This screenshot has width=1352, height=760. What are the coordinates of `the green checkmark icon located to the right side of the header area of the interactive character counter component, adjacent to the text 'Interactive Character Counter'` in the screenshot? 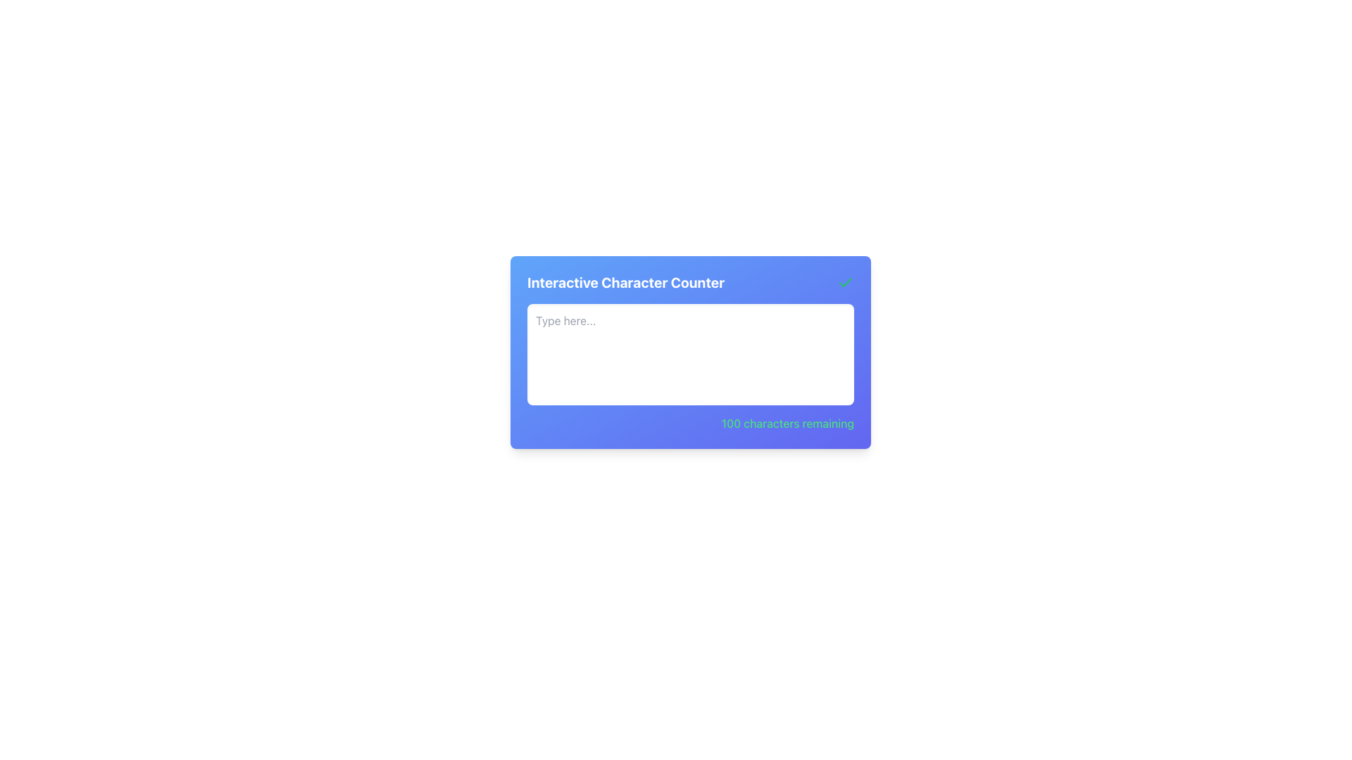 It's located at (845, 282).